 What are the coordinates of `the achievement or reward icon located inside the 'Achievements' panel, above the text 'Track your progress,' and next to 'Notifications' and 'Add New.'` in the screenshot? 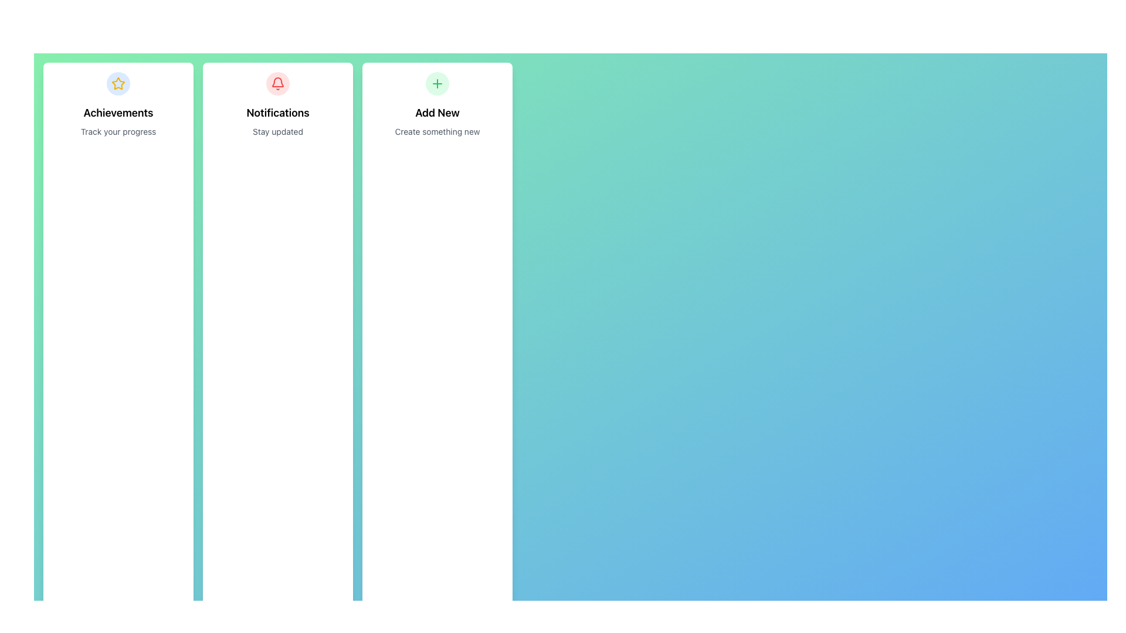 It's located at (118, 83).